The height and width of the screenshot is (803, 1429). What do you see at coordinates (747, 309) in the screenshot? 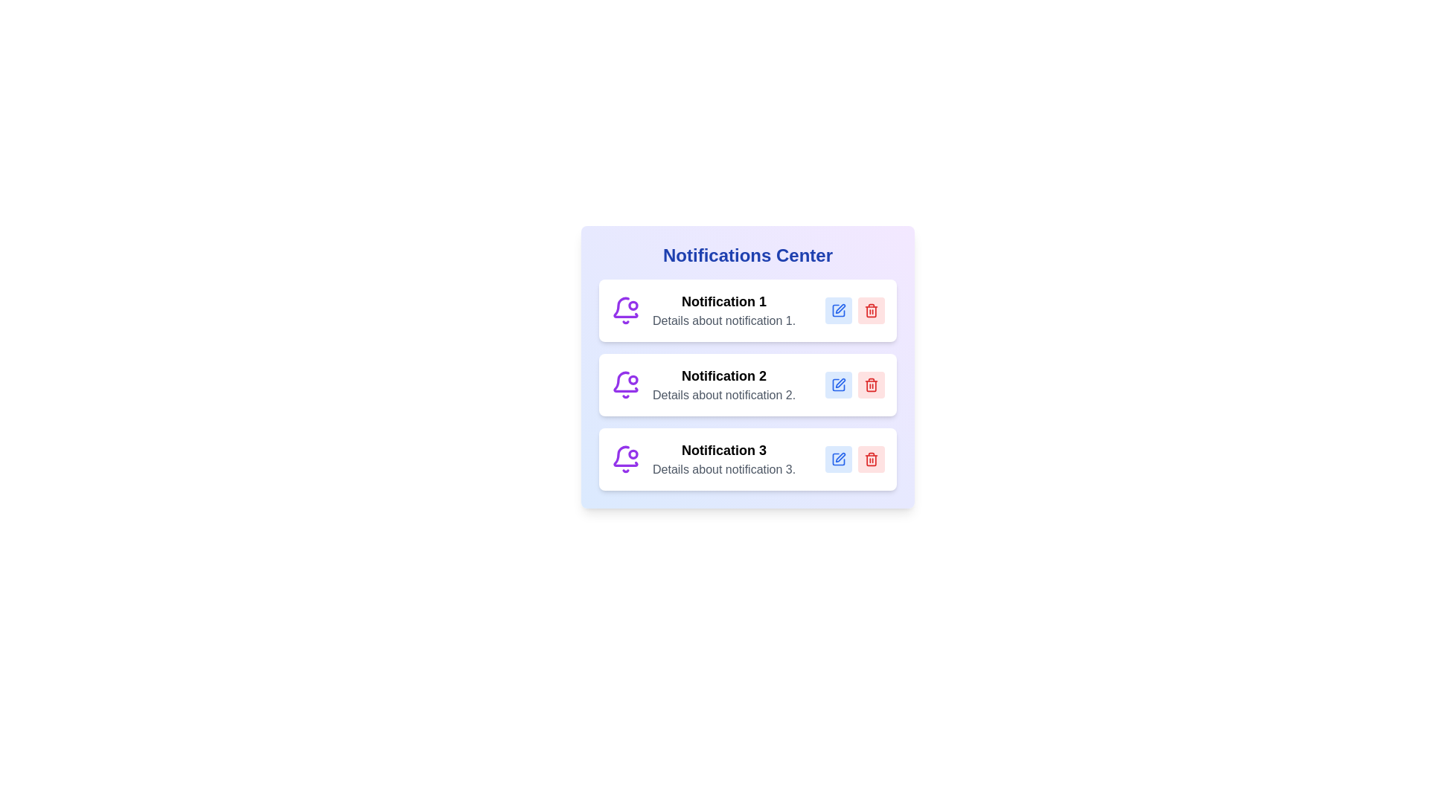
I see `the Notification card with the title 'Notification 1' and subtitle 'Details about notification 1', which is the first item in the notification center list` at bounding box center [747, 309].